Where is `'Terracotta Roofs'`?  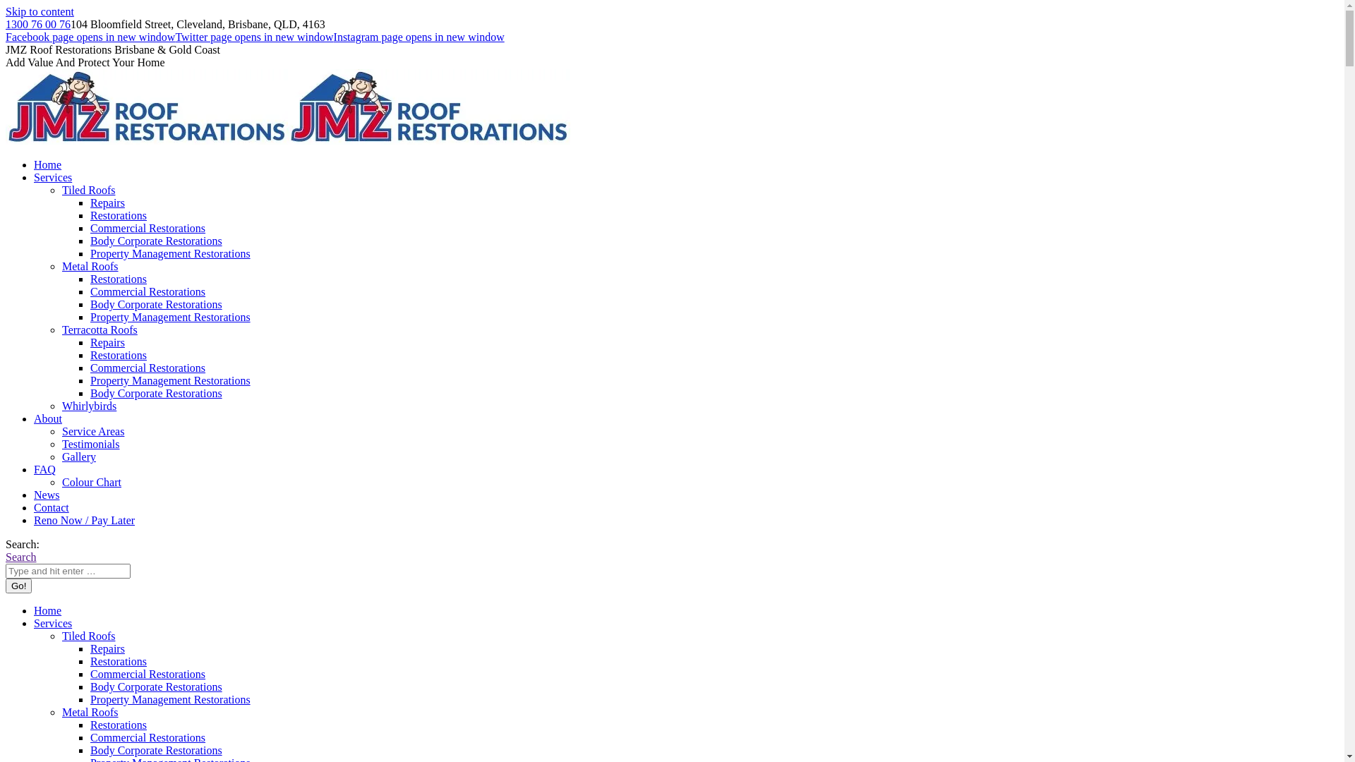
'Terracotta Roofs' is located at coordinates (99, 329).